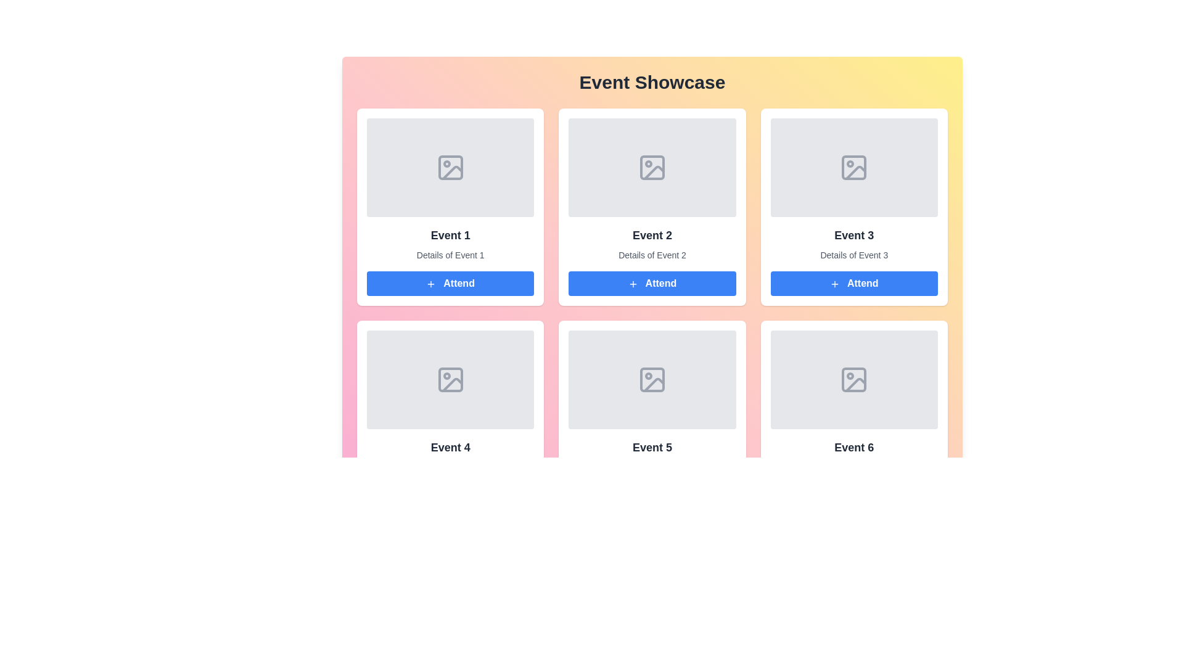  What do you see at coordinates (853, 447) in the screenshot?
I see `text displayed as 'Event 6', which is a bold text label centered below the image placeholder and above the details of the event in the card layout` at bounding box center [853, 447].